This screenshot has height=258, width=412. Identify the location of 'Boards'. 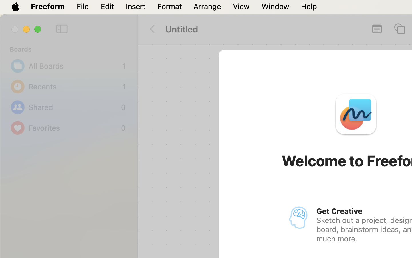
(72, 49).